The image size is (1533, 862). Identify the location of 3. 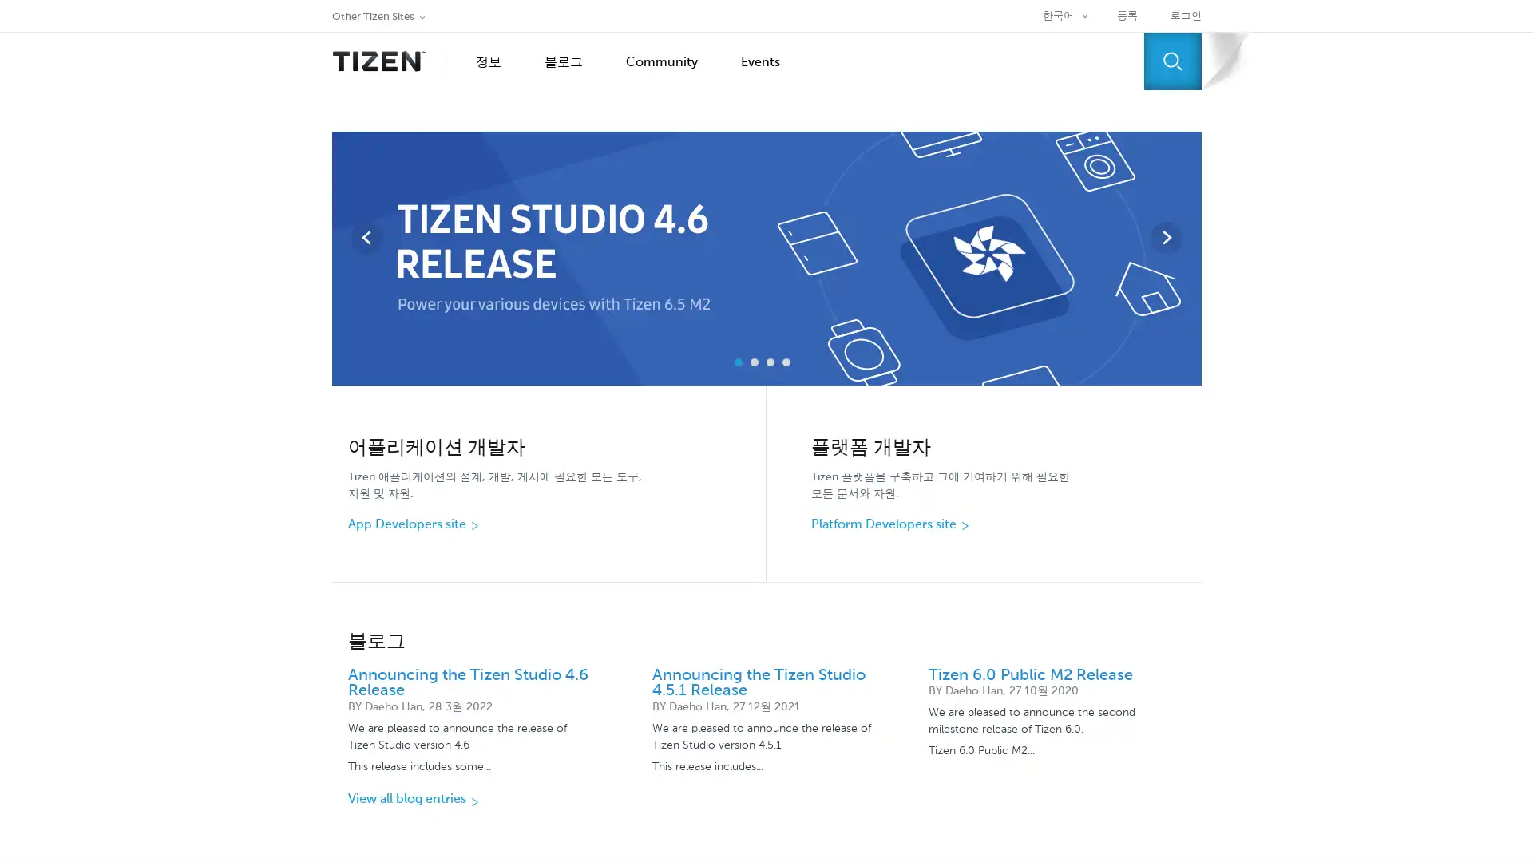
(770, 362).